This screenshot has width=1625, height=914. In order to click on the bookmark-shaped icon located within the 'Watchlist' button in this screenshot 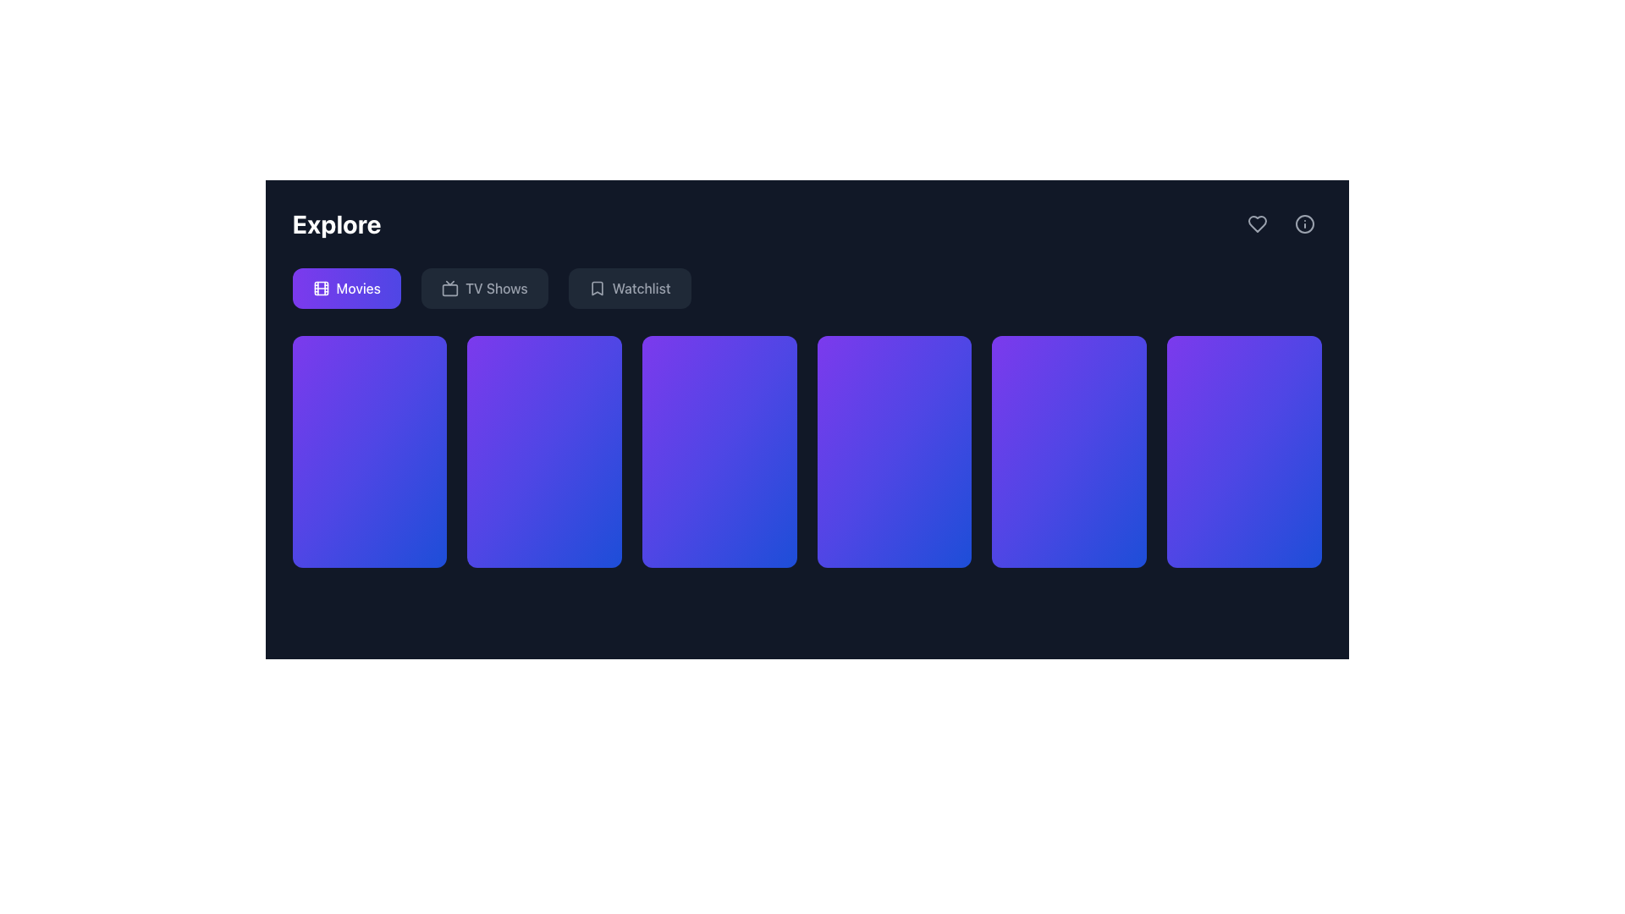, I will do `click(597, 287)`.